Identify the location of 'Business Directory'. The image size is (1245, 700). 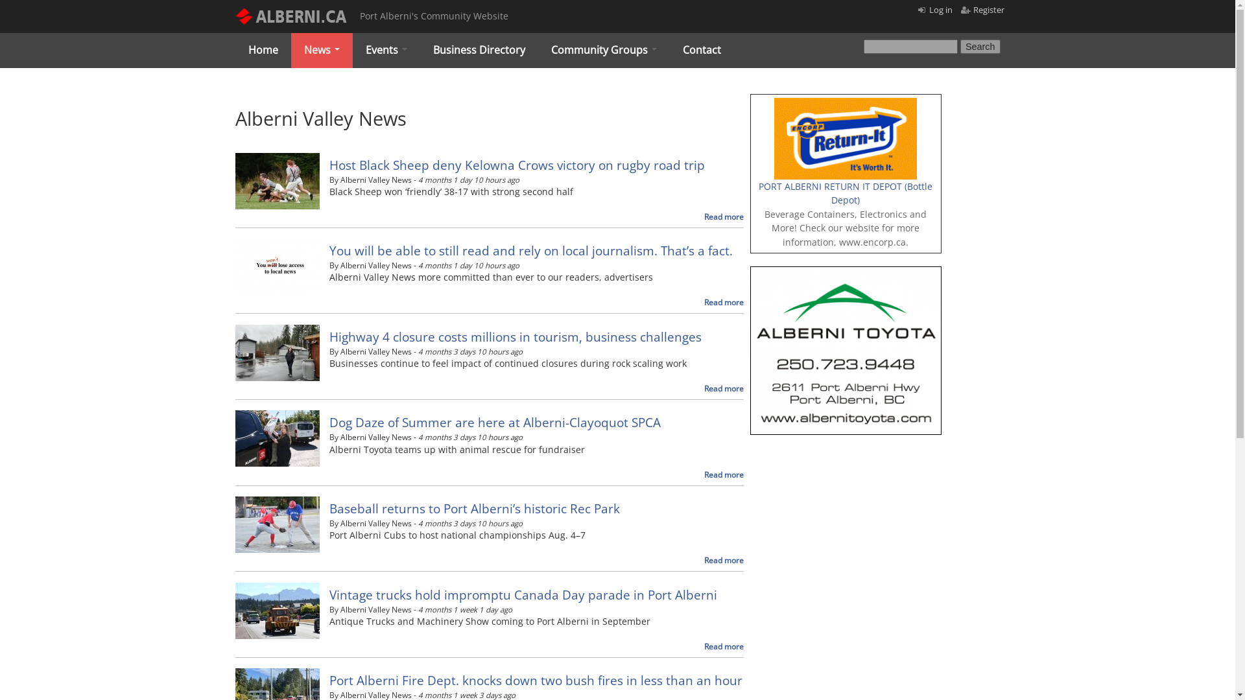
(420, 49).